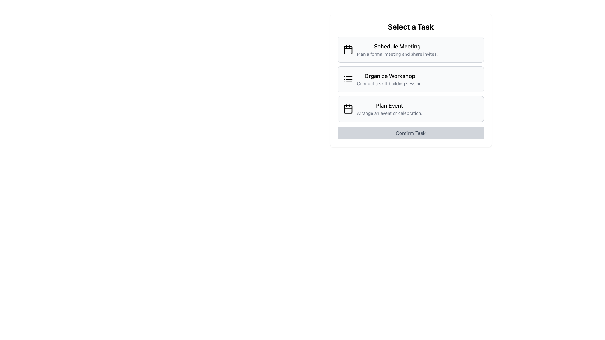 Image resolution: width=605 pixels, height=340 pixels. What do you see at coordinates (389, 113) in the screenshot?
I see `the text label that provides explanation for the 'Plan Event' option, which is located as the second line of text directly below the heading 'Plan Event' in the third card of the 'Select a Task' section` at bounding box center [389, 113].